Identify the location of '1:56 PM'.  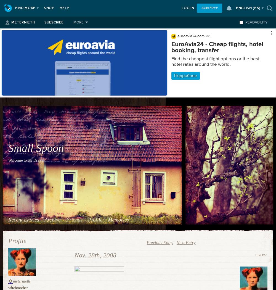
(260, 255).